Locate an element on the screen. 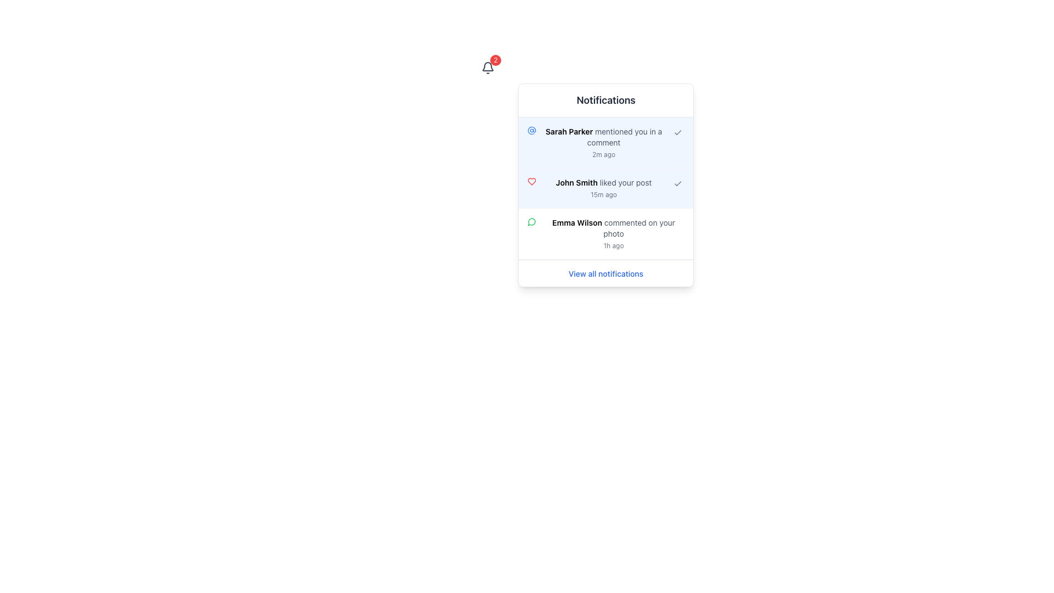  the second notification entry in the notification dropdown which states 'John Smith liked your post 15m ago' is located at coordinates (606, 188).